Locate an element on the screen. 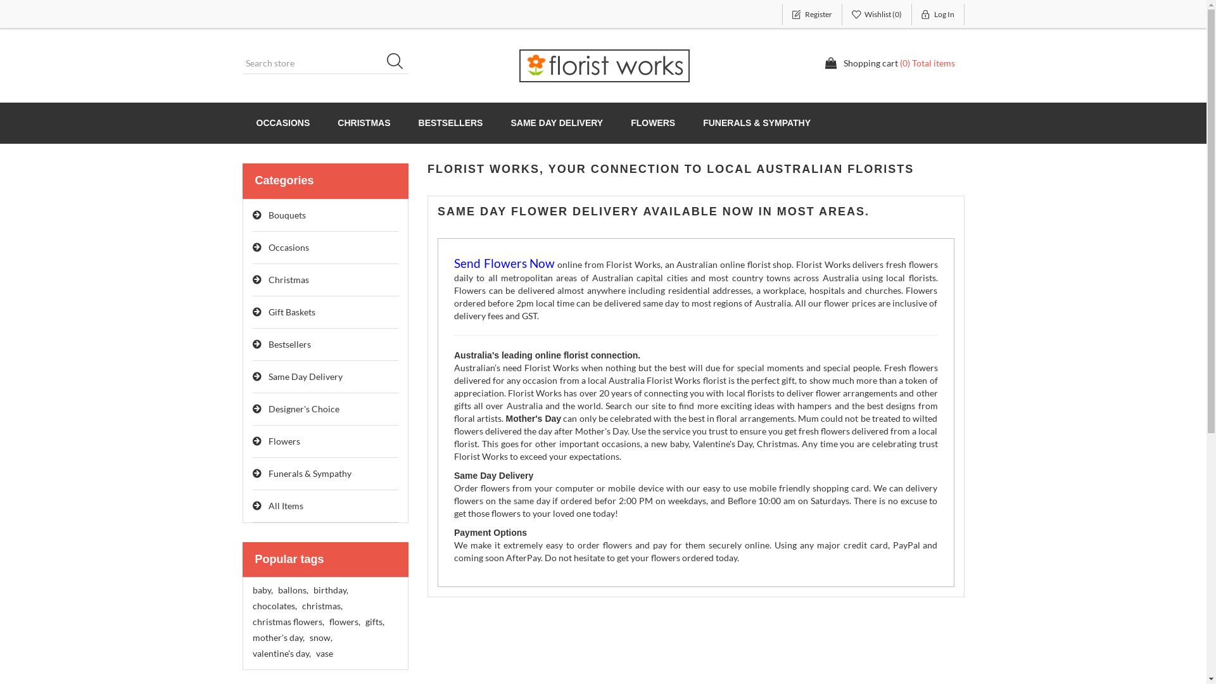 Image resolution: width=1216 pixels, height=684 pixels. 'Log In' is located at coordinates (938, 15).